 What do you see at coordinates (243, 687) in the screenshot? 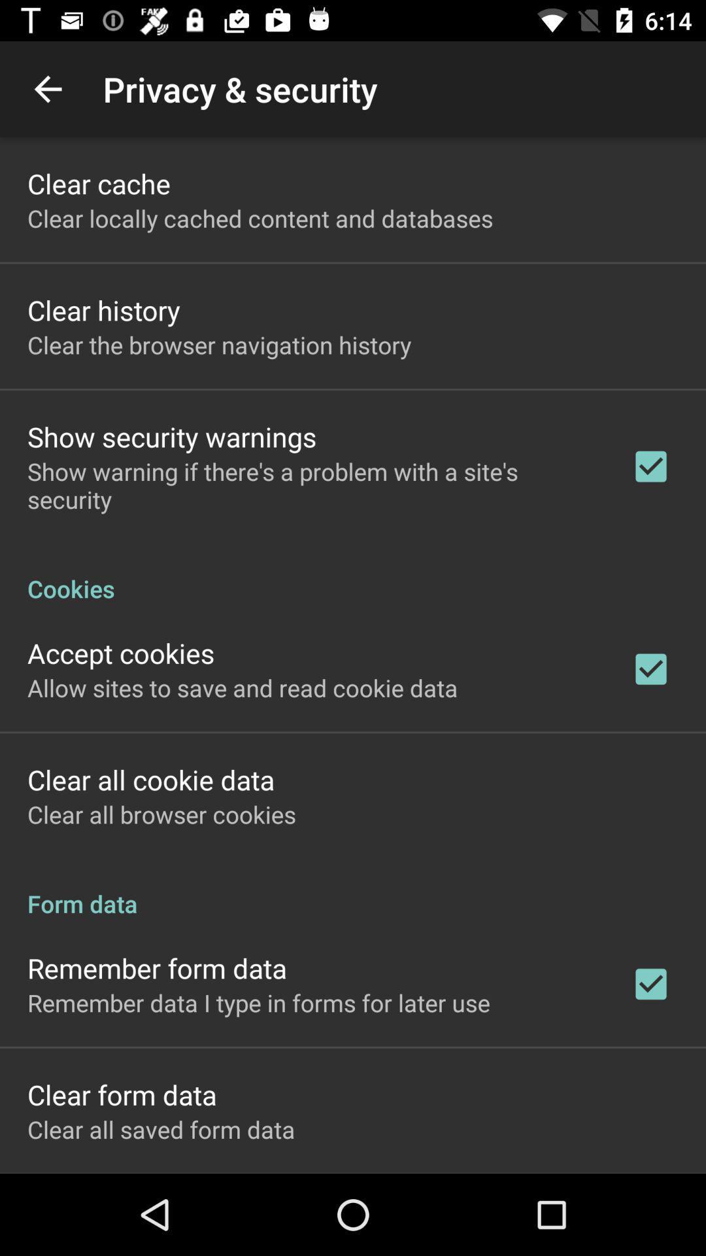
I see `icon below accept cookies` at bounding box center [243, 687].